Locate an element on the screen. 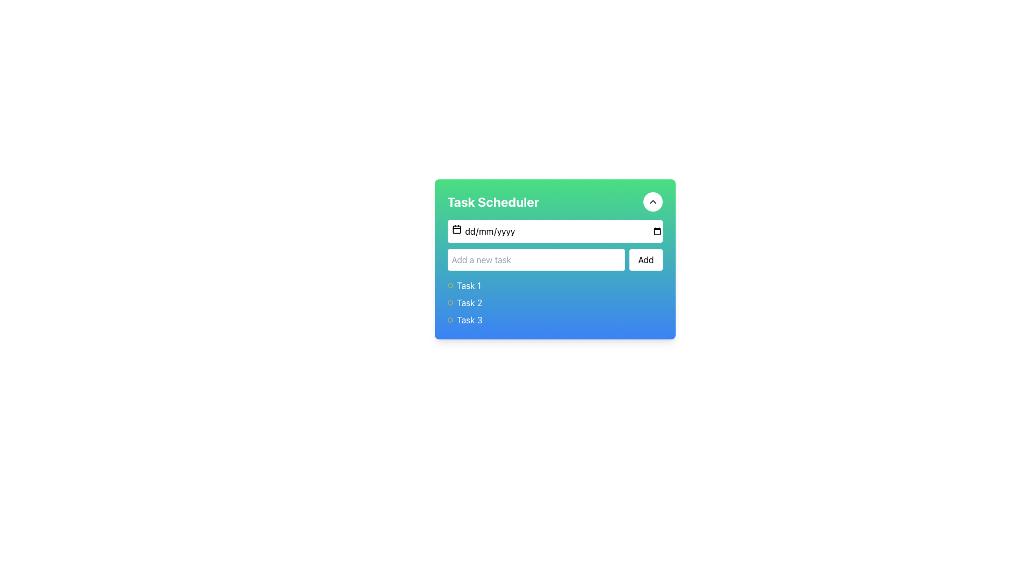 The height and width of the screenshot is (580, 1032). the calendar icon, which is a square-shaped icon with a calendar image inside, located to the left of the date input field in the task scheduler interface is located at coordinates (456, 229).